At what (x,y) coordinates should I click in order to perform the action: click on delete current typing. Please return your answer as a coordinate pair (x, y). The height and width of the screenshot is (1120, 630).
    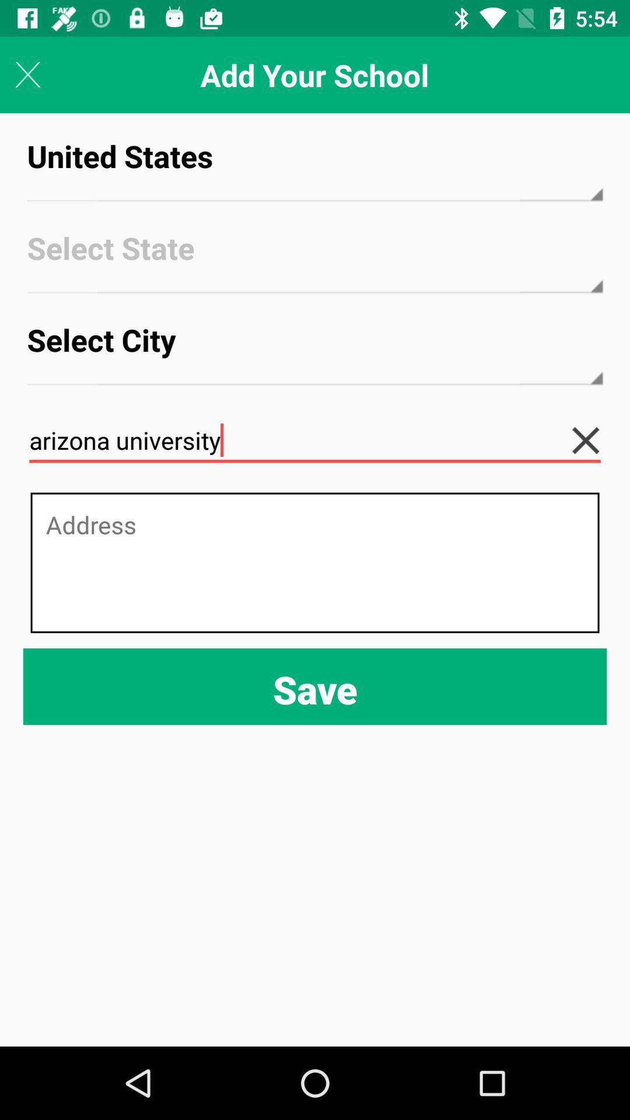
    Looking at the image, I should click on (594, 440).